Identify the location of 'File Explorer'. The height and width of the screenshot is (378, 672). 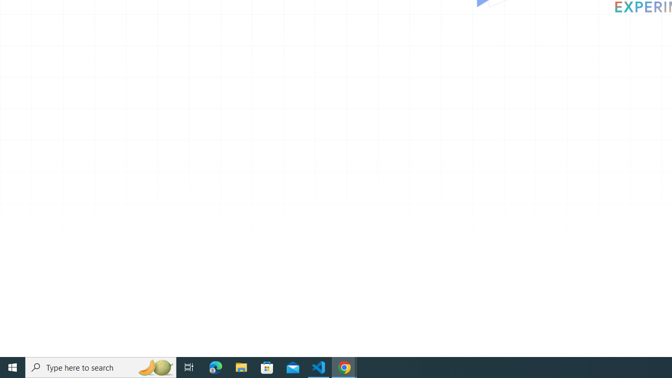
(241, 366).